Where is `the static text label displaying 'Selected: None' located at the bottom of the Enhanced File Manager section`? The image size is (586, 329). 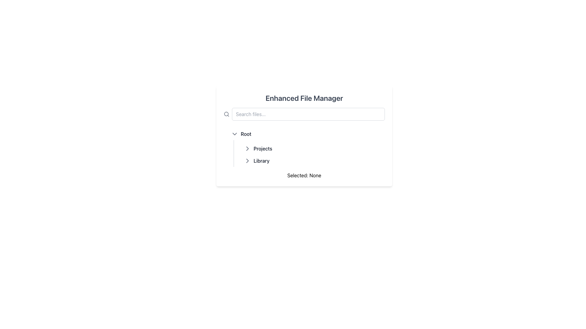
the static text label displaying 'Selected: None' located at the bottom of the Enhanced File Manager section is located at coordinates (304, 175).